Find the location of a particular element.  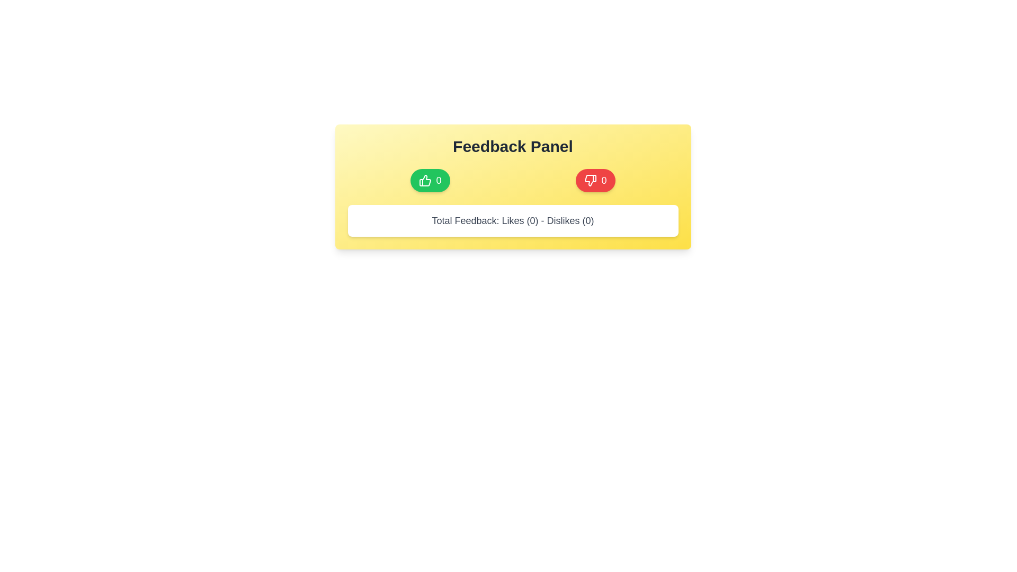

the red thumbs-down icon button, which is part of a feedback panel is located at coordinates (590, 180).